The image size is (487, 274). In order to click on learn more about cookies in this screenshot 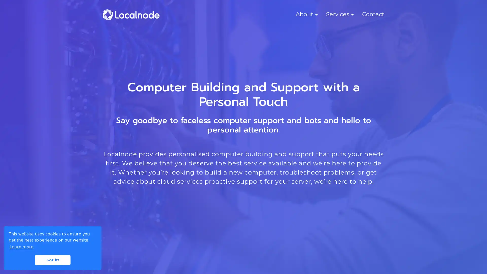, I will do `click(21, 247)`.